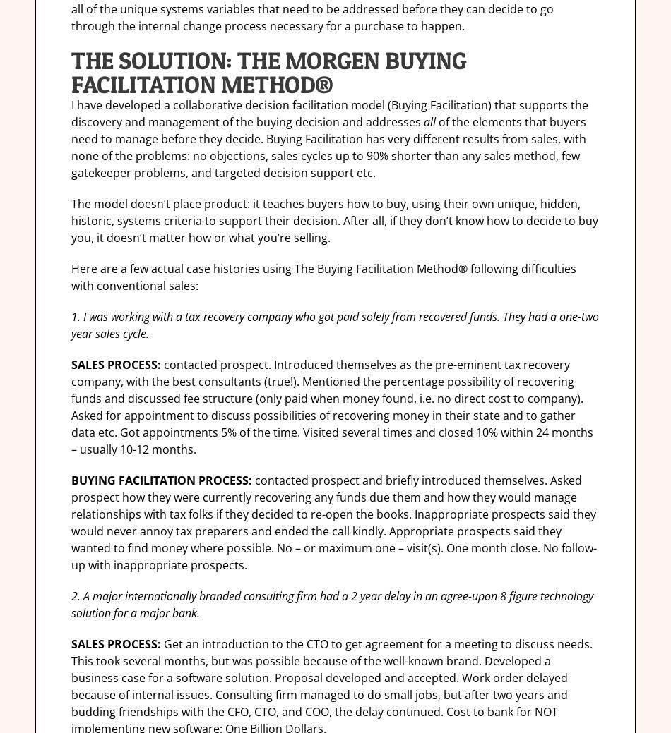 This screenshot has width=671, height=733. I want to click on 'Here are a few actual case histories using The Buying Facilitation Method® following difficulties with conventional sales:', so click(323, 276).